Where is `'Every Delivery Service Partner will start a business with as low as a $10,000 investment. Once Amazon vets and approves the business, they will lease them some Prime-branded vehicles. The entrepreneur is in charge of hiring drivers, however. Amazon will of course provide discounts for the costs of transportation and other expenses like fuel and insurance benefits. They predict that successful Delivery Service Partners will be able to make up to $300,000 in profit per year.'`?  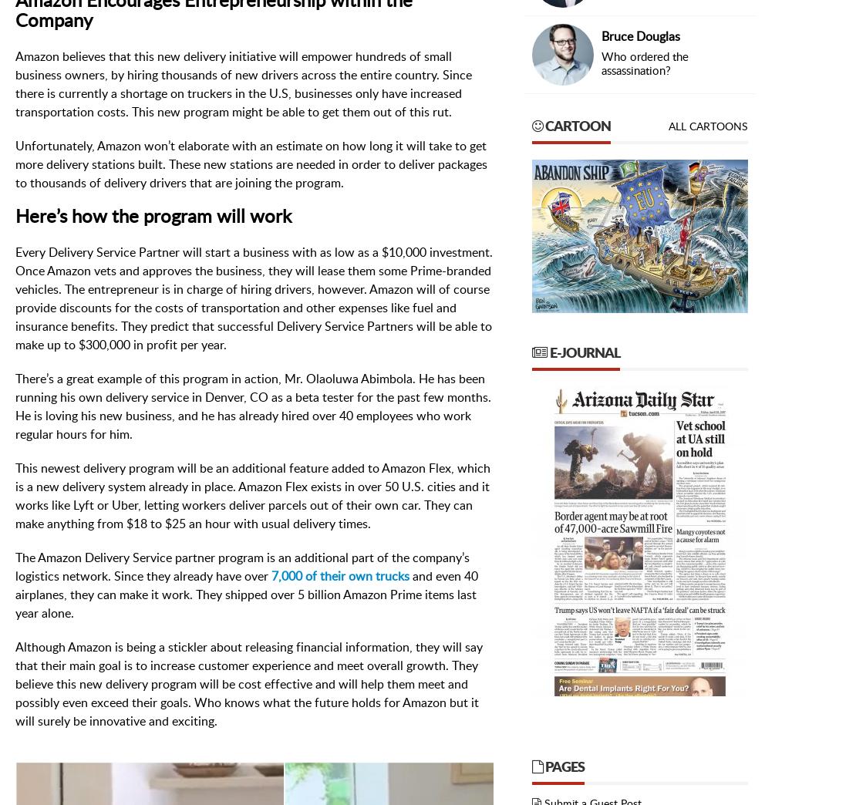 'Every Delivery Service Partner will start a business with as low as a $10,000 investment. Once Amazon vets and approves the business, they will lease them some Prime-branded vehicles. The entrepreneur is in charge of hiring drivers, however. Amazon will of course provide discounts for the costs of transportation and other expenses like fuel and insurance benefits. They predict that successful Delivery Service Partners will be able to make up to $300,000 in profit per year.' is located at coordinates (15, 298).